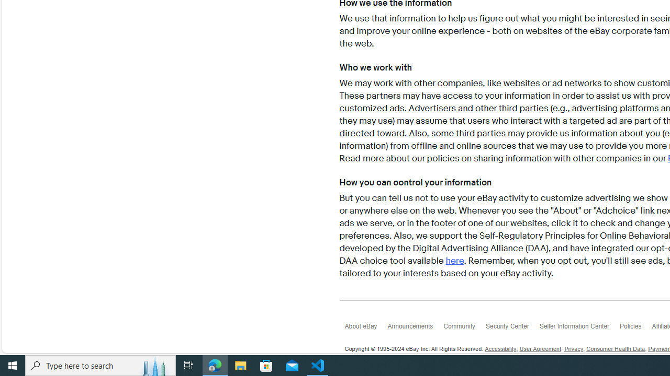 The height and width of the screenshot is (376, 670). What do you see at coordinates (455, 261) in the screenshot?
I see `'here'` at bounding box center [455, 261].